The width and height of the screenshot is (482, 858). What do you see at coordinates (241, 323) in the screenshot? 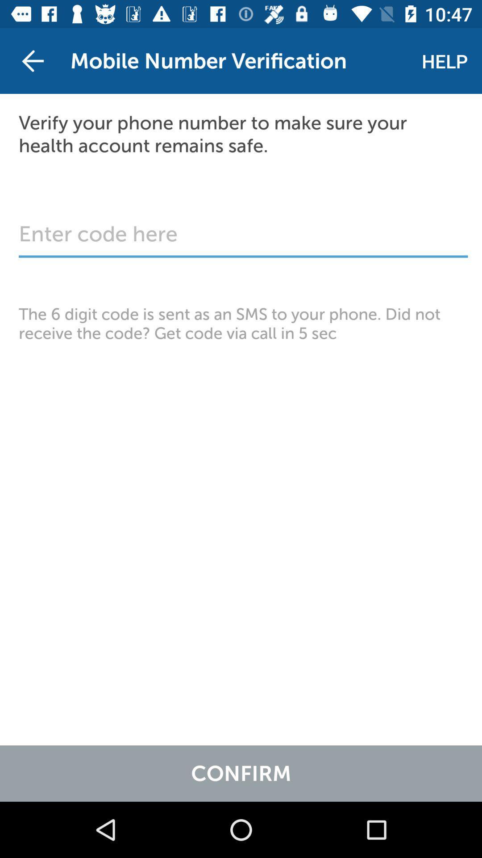
I see `icon at the center` at bounding box center [241, 323].